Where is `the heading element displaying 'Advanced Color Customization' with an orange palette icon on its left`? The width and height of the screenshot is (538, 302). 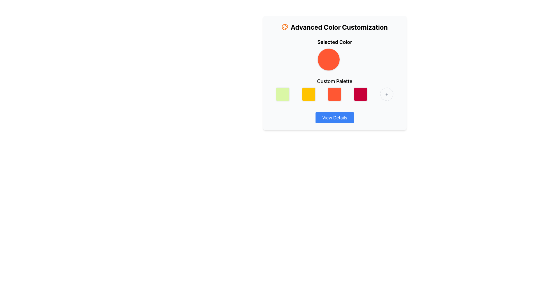
the heading element displaying 'Advanced Color Customization' with an orange palette icon on its left is located at coordinates (335, 27).